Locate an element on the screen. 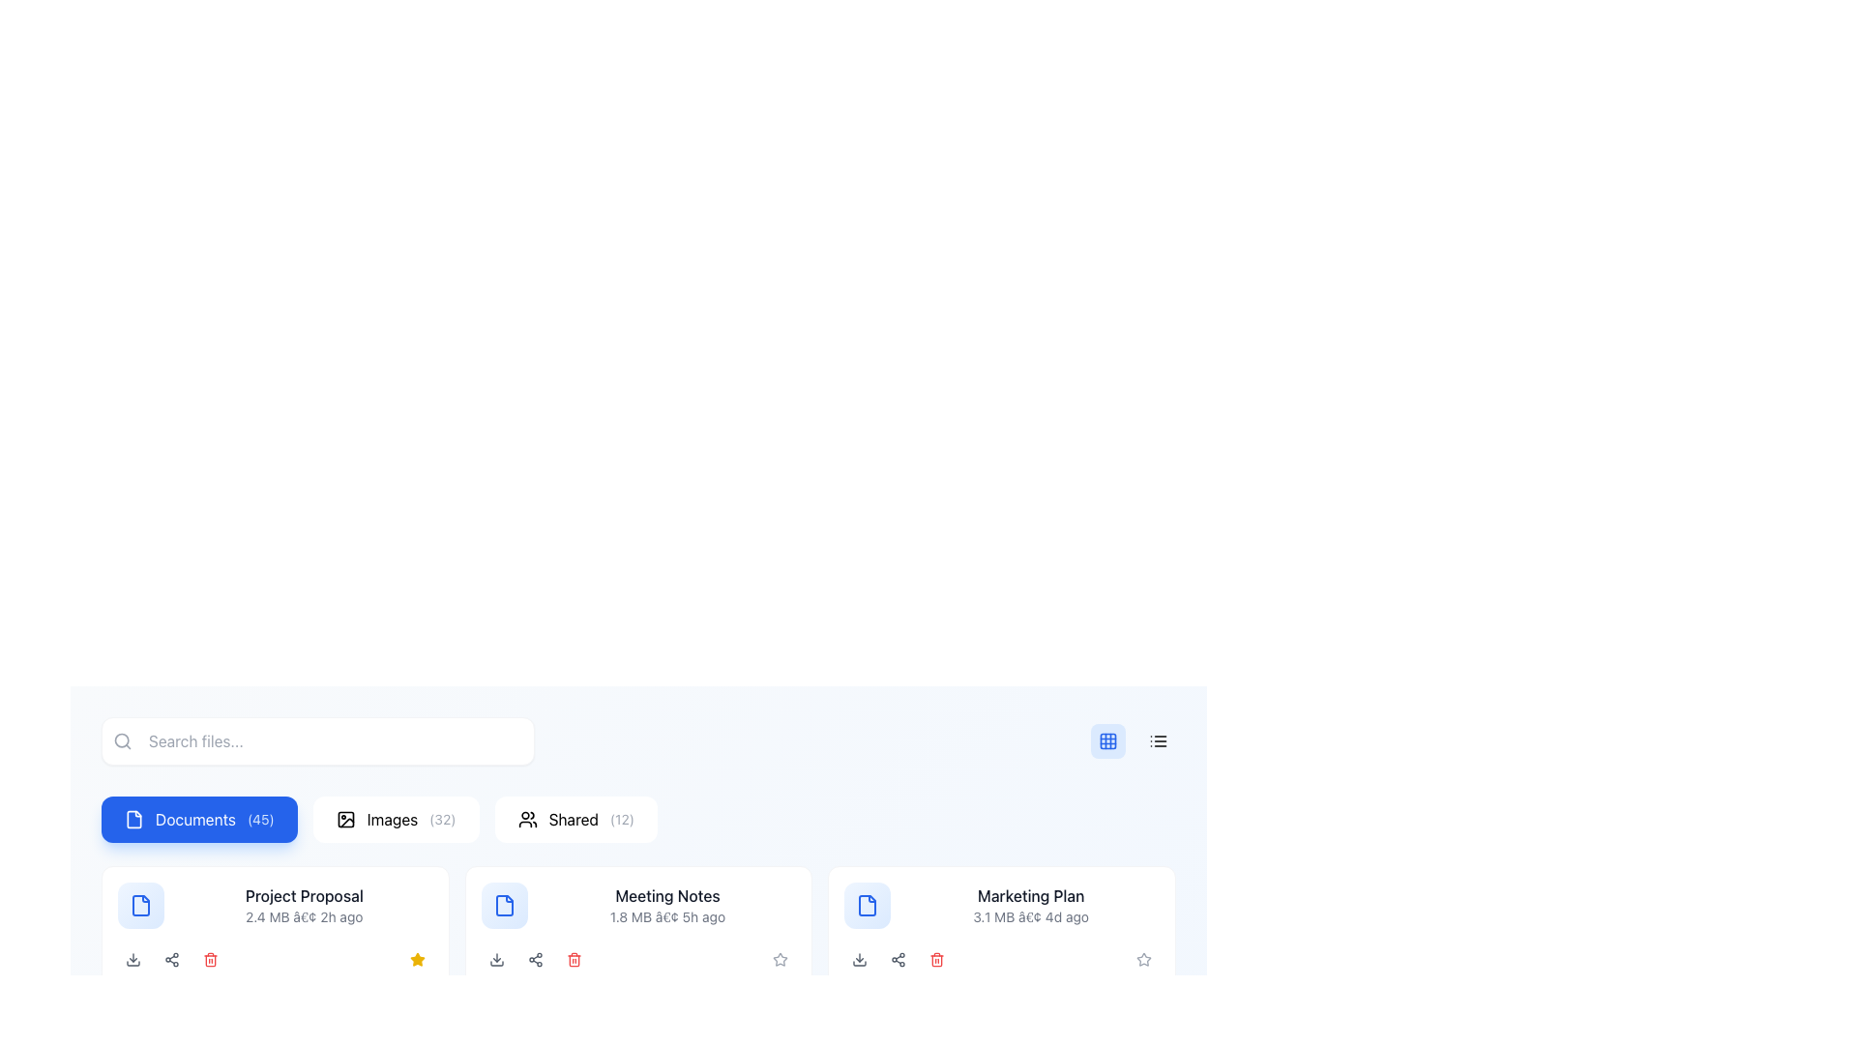 This screenshot has width=1857, height=1044. the rightmost file card in the document management interface is located at coordinates (1002, 906).